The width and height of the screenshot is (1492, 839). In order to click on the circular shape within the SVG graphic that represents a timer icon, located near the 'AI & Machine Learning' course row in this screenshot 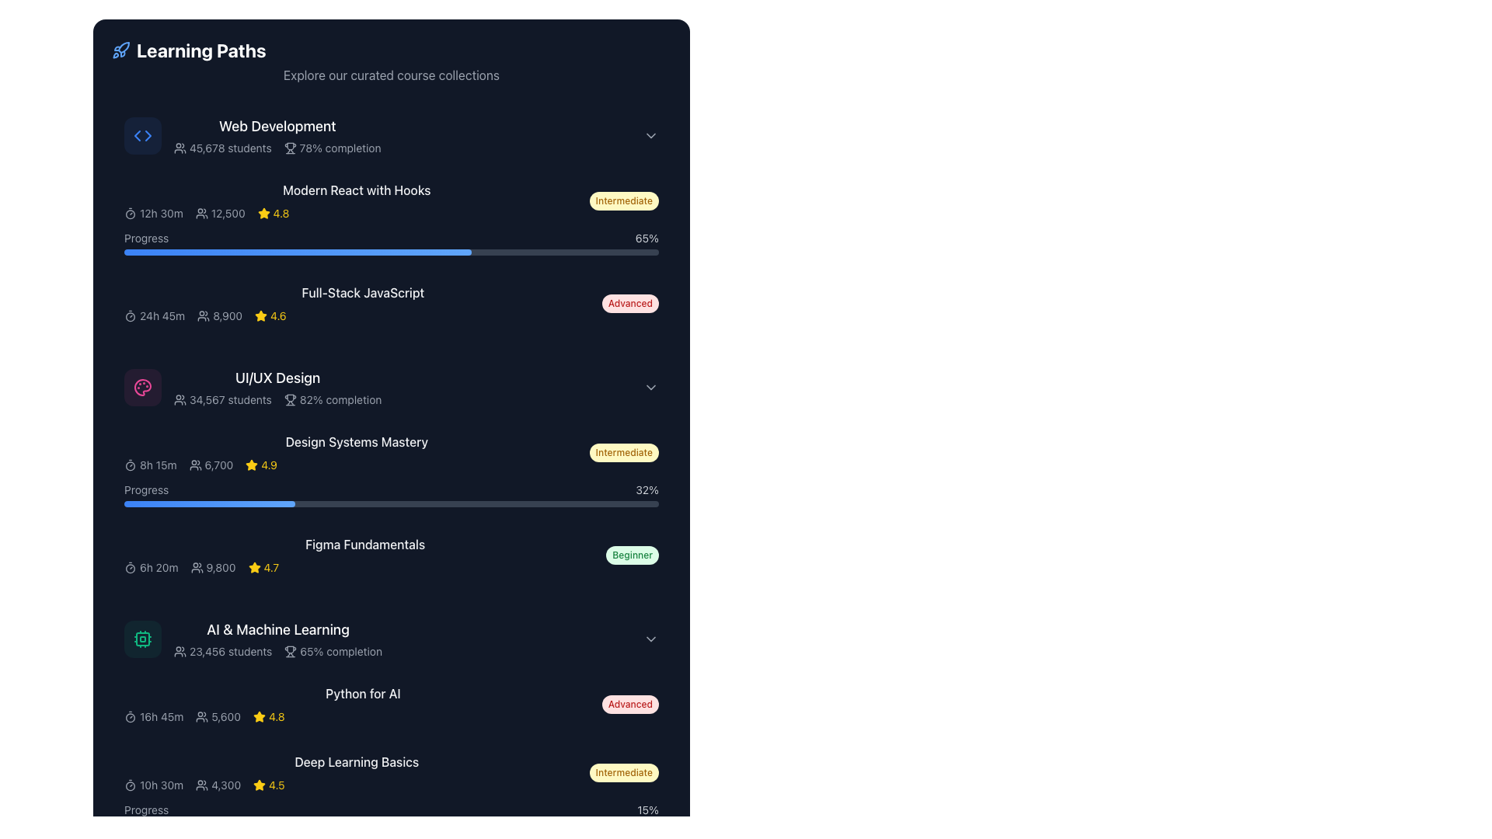, I will do `click(131, 718)`.